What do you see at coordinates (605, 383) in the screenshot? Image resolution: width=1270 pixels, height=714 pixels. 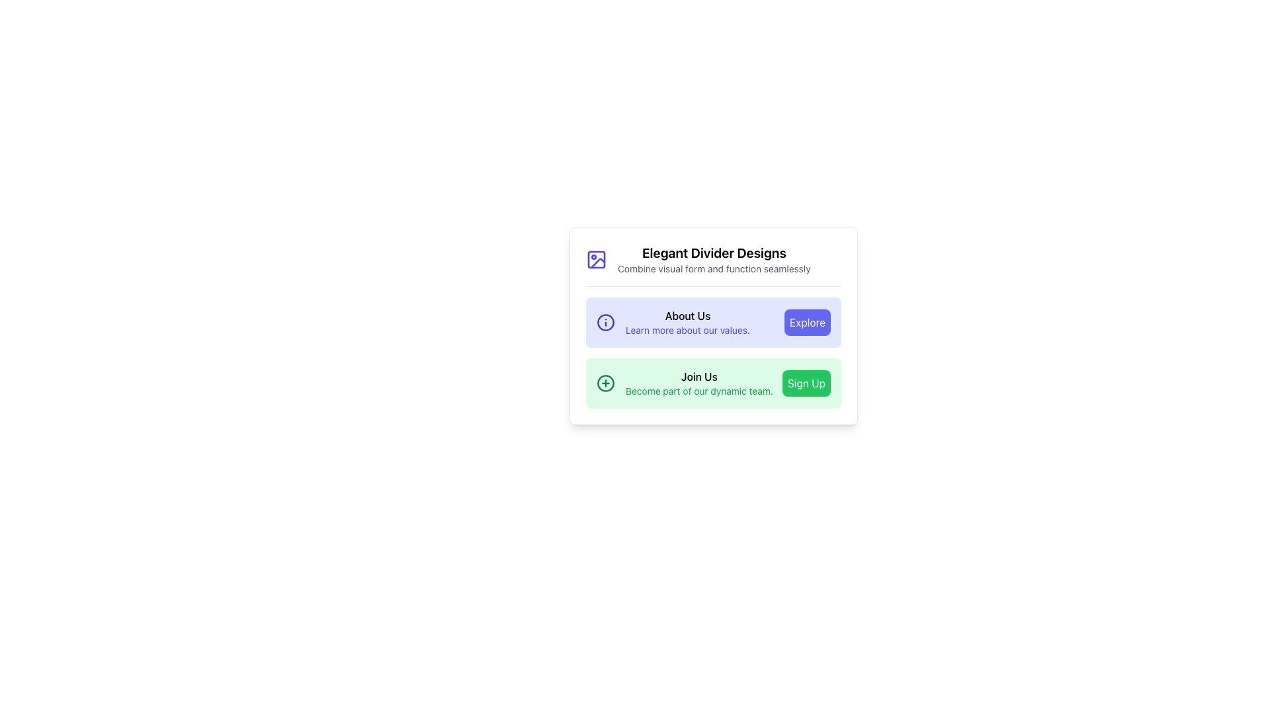 I see `the 'Join Us' icon button located to the left of the 'Join Us' text and above the 'Sign Up' button` at bounding box center [605, 383].